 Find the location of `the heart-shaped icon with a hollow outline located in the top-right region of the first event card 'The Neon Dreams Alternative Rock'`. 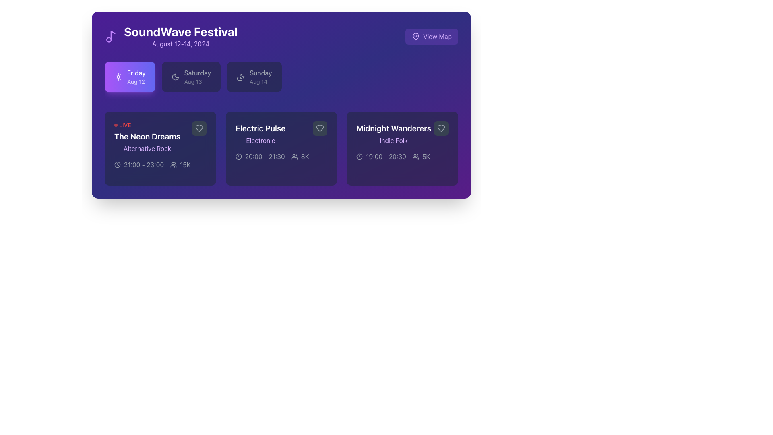

the heart-shaped icon with a hollow outline located in the top-right region of the first event card 'The Neon Dreams Alternative Rock' is located at coordinates (199, 128).